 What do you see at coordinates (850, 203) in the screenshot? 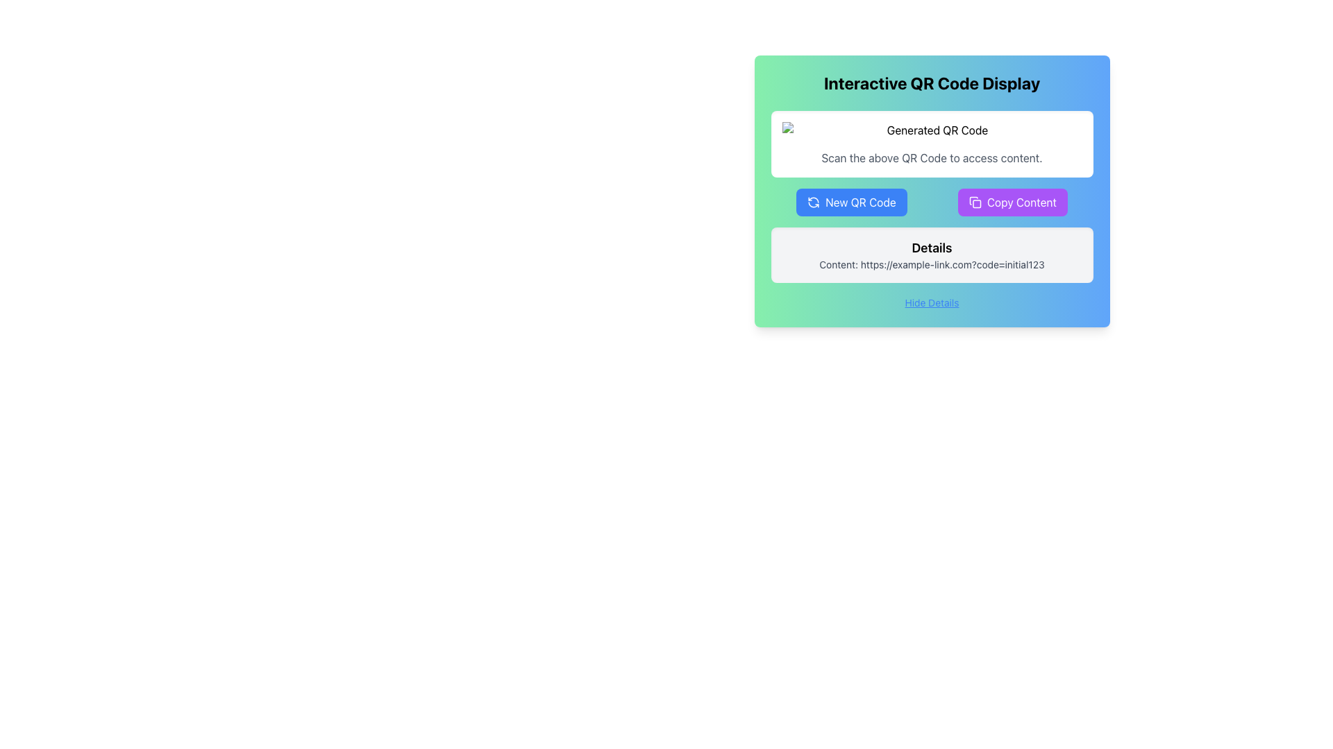
I see `the blue button labeled 'New QR Code' to generate a new QR code` at bounding box center [850, 203].